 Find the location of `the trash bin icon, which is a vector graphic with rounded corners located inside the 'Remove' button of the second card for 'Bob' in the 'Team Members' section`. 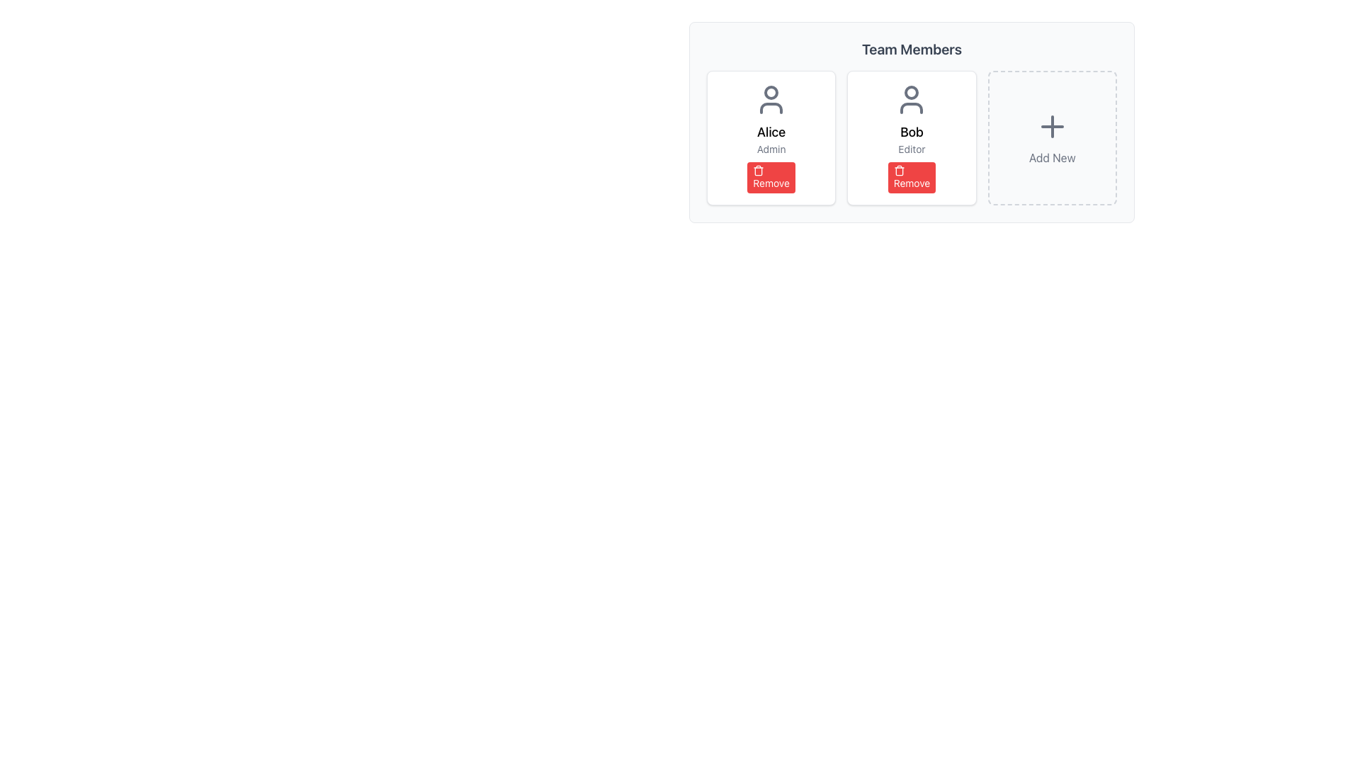

the trash bin icon, which is a vector graphic with rounded corners located inside the 'Remove' button of the second card for 'Bob' in the 'Team Members' section is located at coordinates (758, 171).